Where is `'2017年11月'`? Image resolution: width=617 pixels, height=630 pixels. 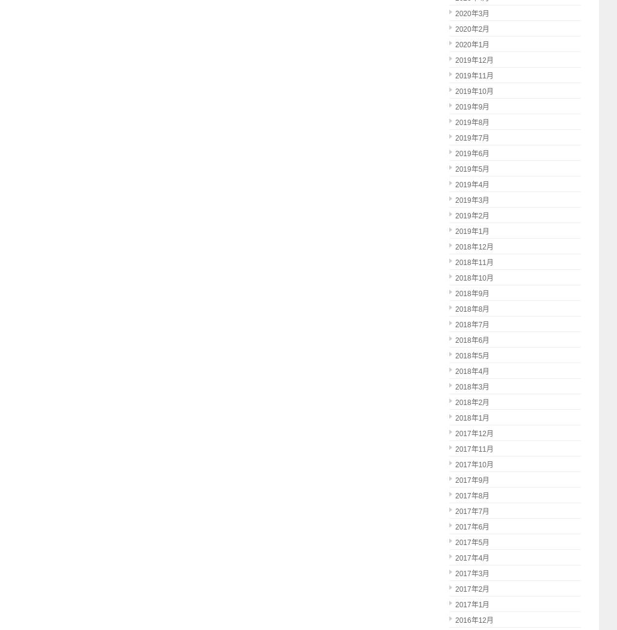 '2017年11月' is located at coordinates (473, 448).